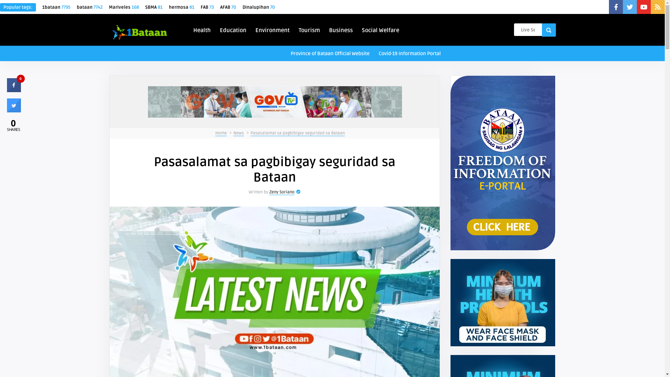 This screenshot has height=377, width=670. Describe the element at coordinates (272, 29) in the screenshot. I see `'Environment'` at that location.